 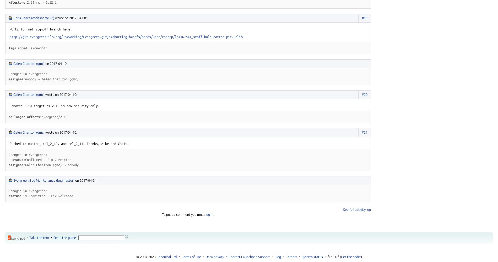 I want to click on '#20', so click(x=364, y=94).